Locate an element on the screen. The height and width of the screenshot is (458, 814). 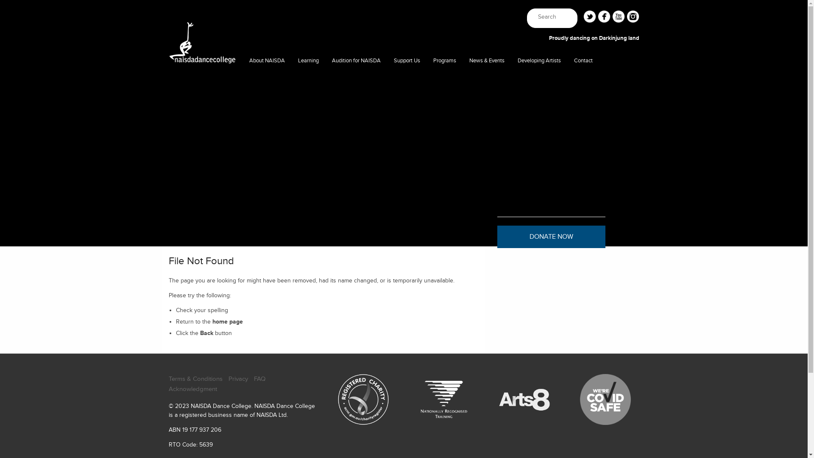
'Back' is located at coordinates (206, 332).